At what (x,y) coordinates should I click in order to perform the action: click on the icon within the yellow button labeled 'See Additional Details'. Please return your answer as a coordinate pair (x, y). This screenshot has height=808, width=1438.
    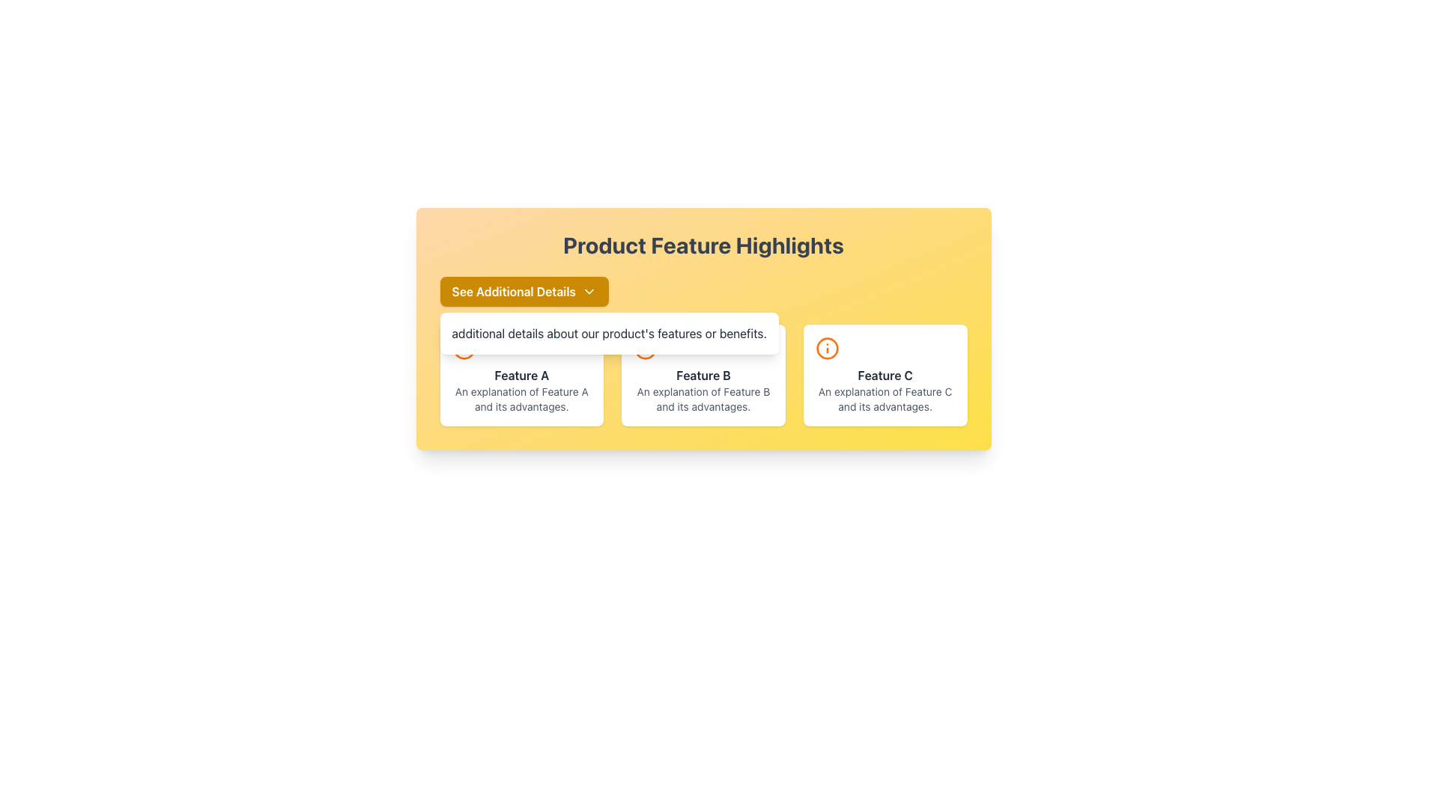
    Looking at the image, I should click on (589, 291).